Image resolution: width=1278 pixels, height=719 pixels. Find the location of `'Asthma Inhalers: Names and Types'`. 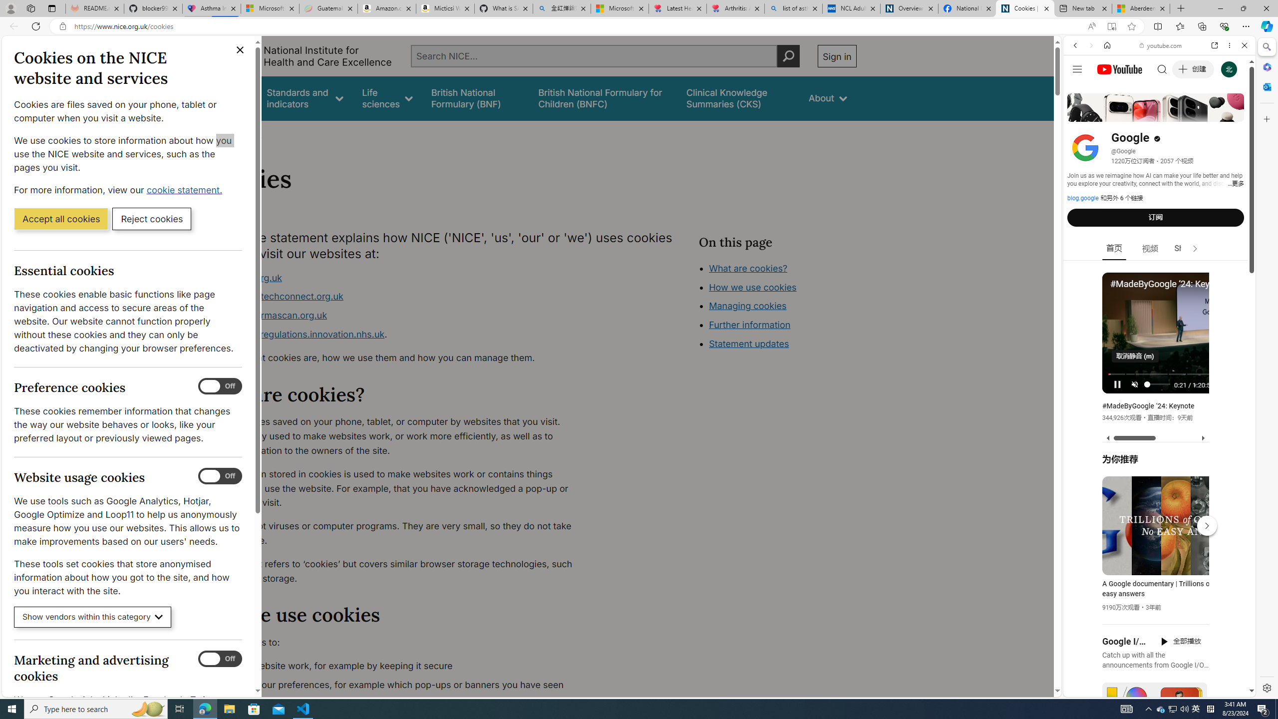

'Asthma Inhalers: Names and Types' is located at coordinates (211, 8).